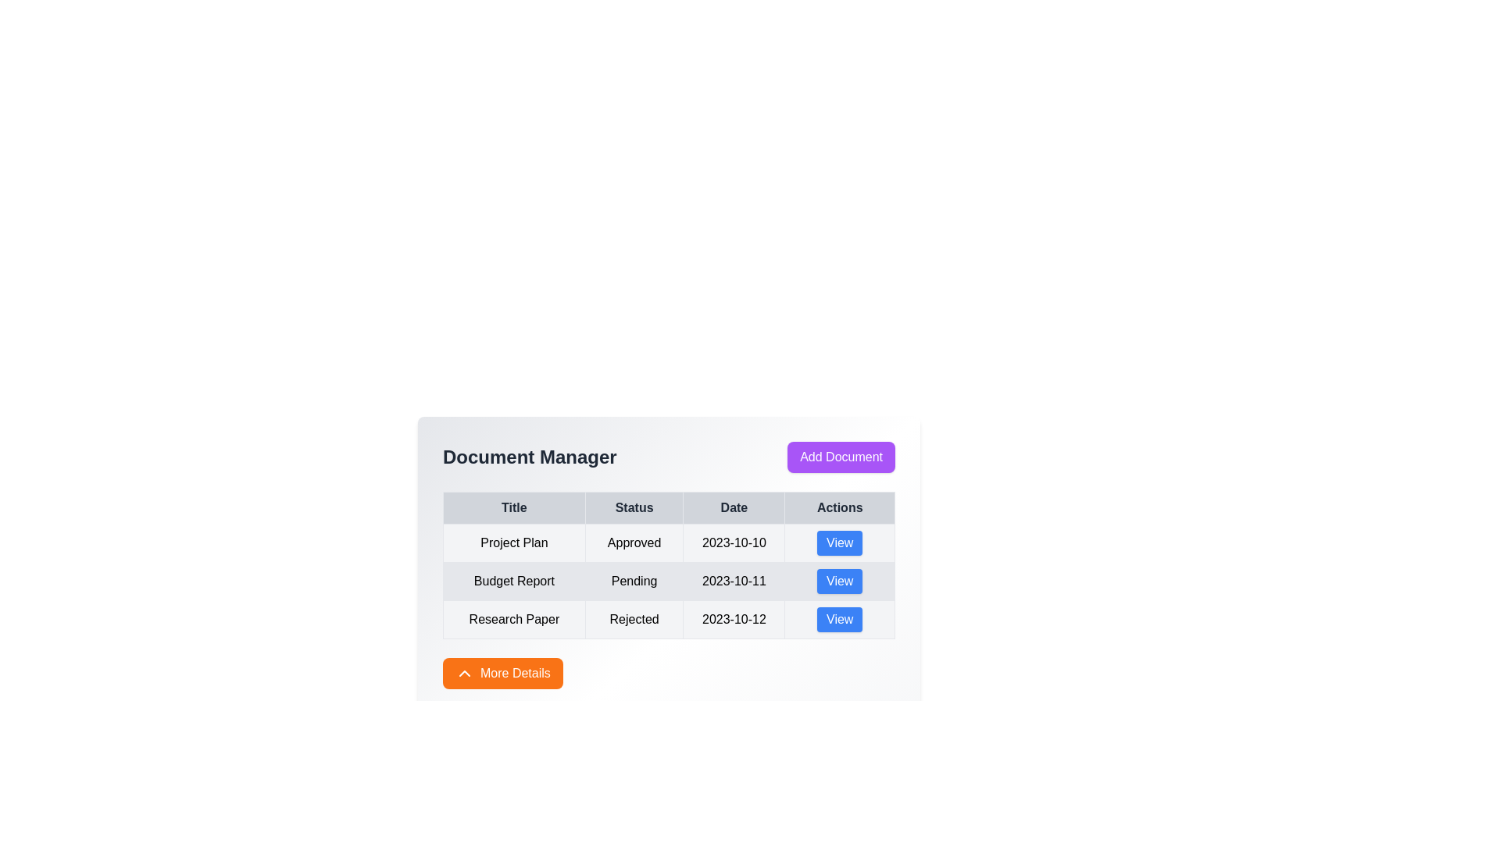 The image size is (1500, 843). What do you see at coordinates (634, 542) in the screenshot?
I see `the static text cell indicating the approval status of the 'Project Plan' in the Status column of the table` at bounding box center [634, 542].